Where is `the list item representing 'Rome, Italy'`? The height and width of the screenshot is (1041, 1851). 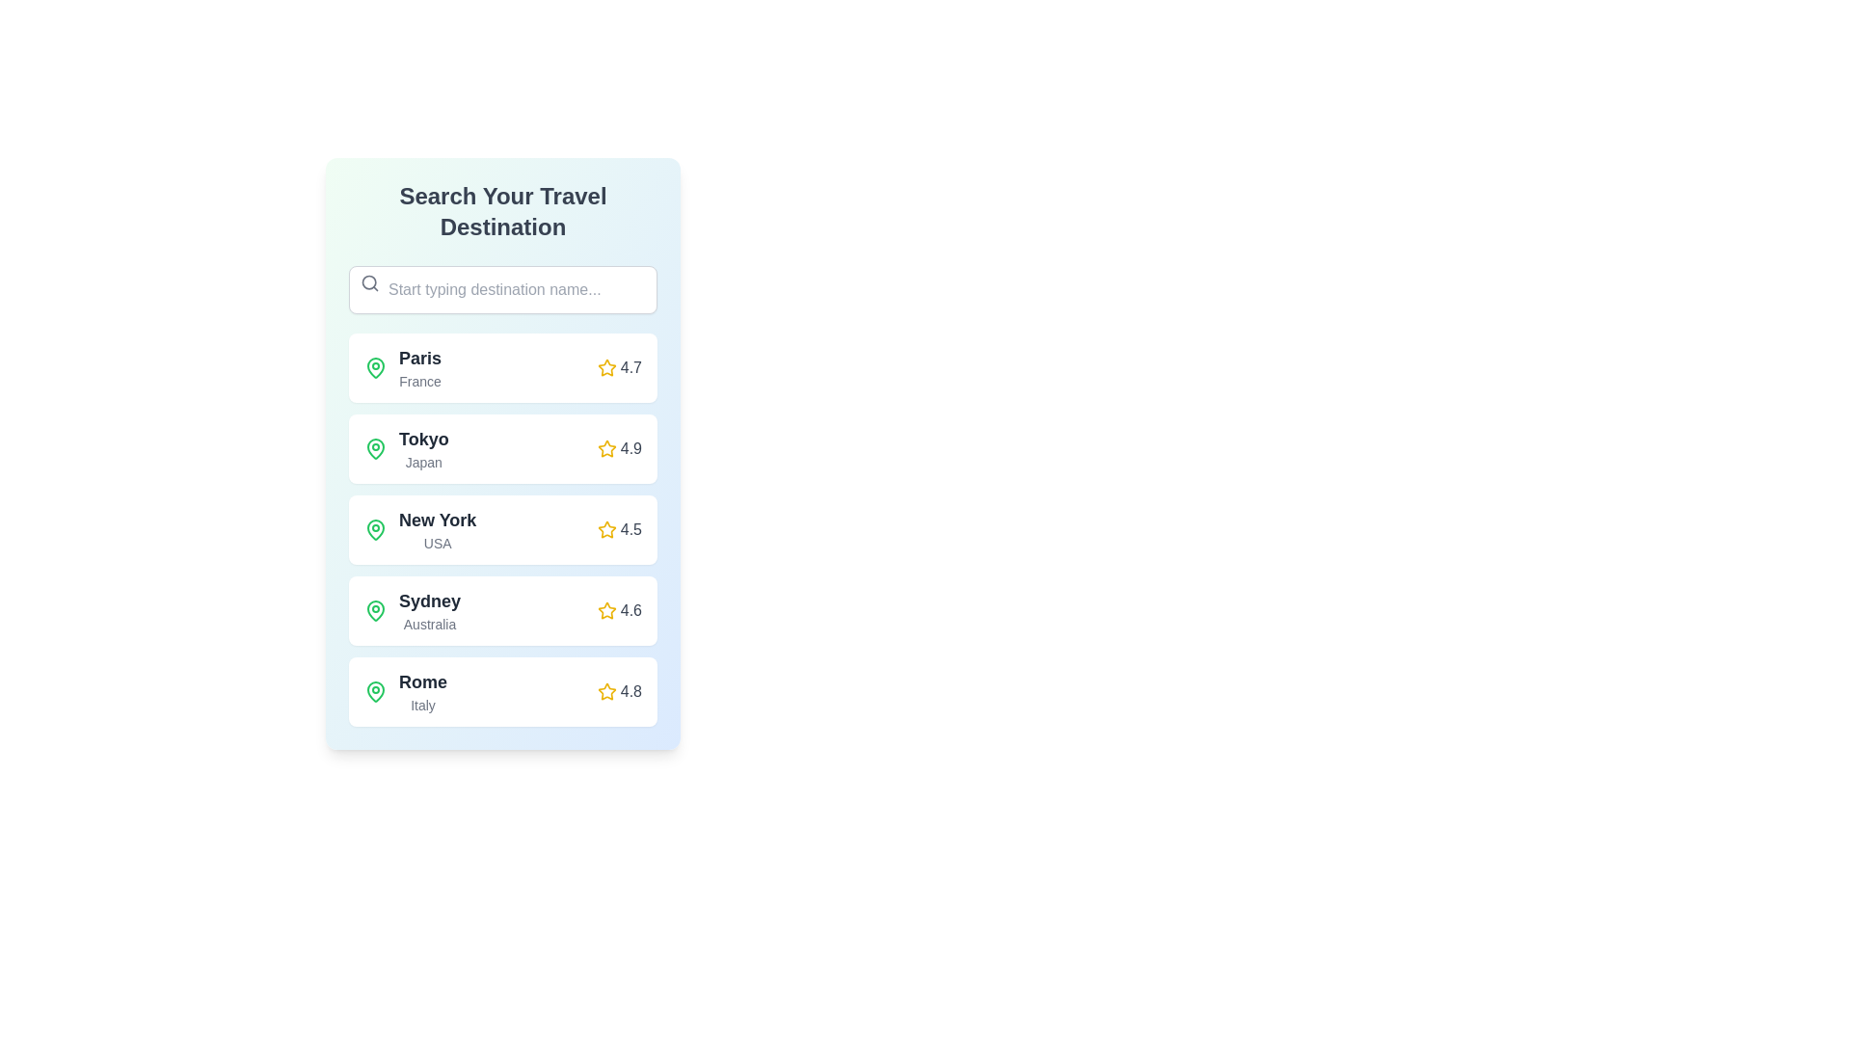
the list item representing 'Rome, Italy' is located at coordinates (405, 690).